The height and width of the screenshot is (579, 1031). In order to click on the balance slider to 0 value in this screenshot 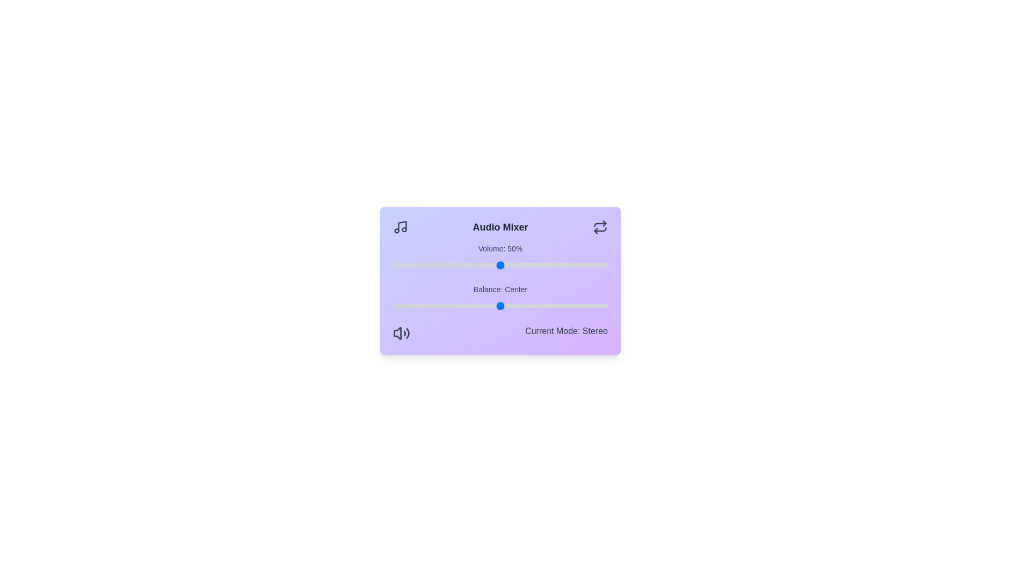, I will do `click(499, 306)`.